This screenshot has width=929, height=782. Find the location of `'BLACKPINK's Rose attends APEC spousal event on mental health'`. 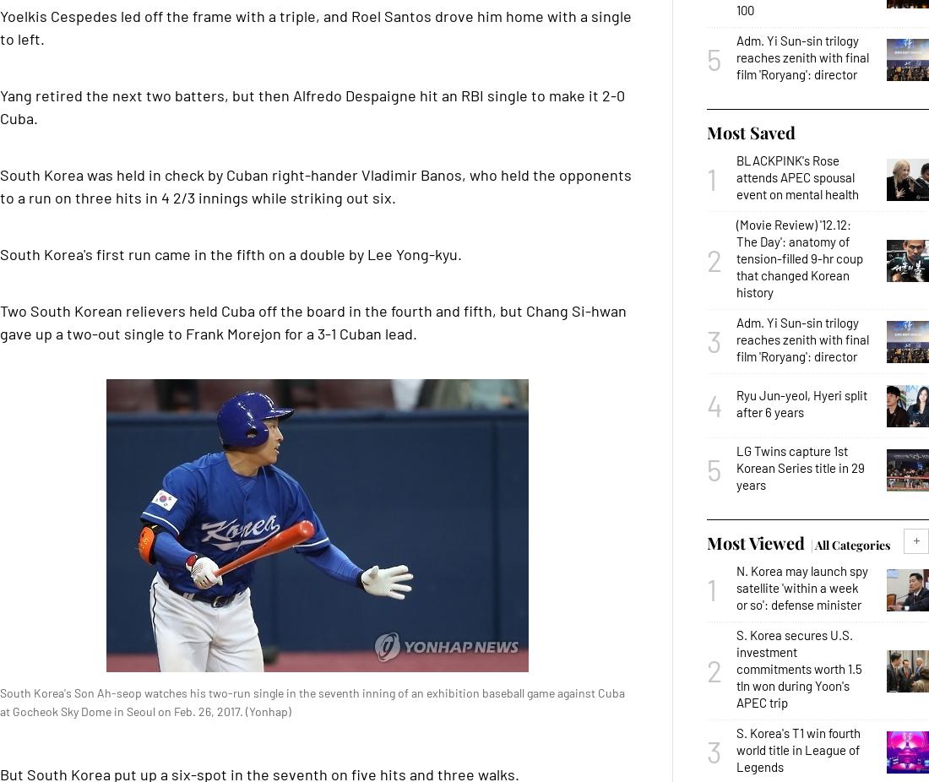

'BLACKPINK's Rose attends APEC spousal event on mental health' is located at coordinates (797, 176).